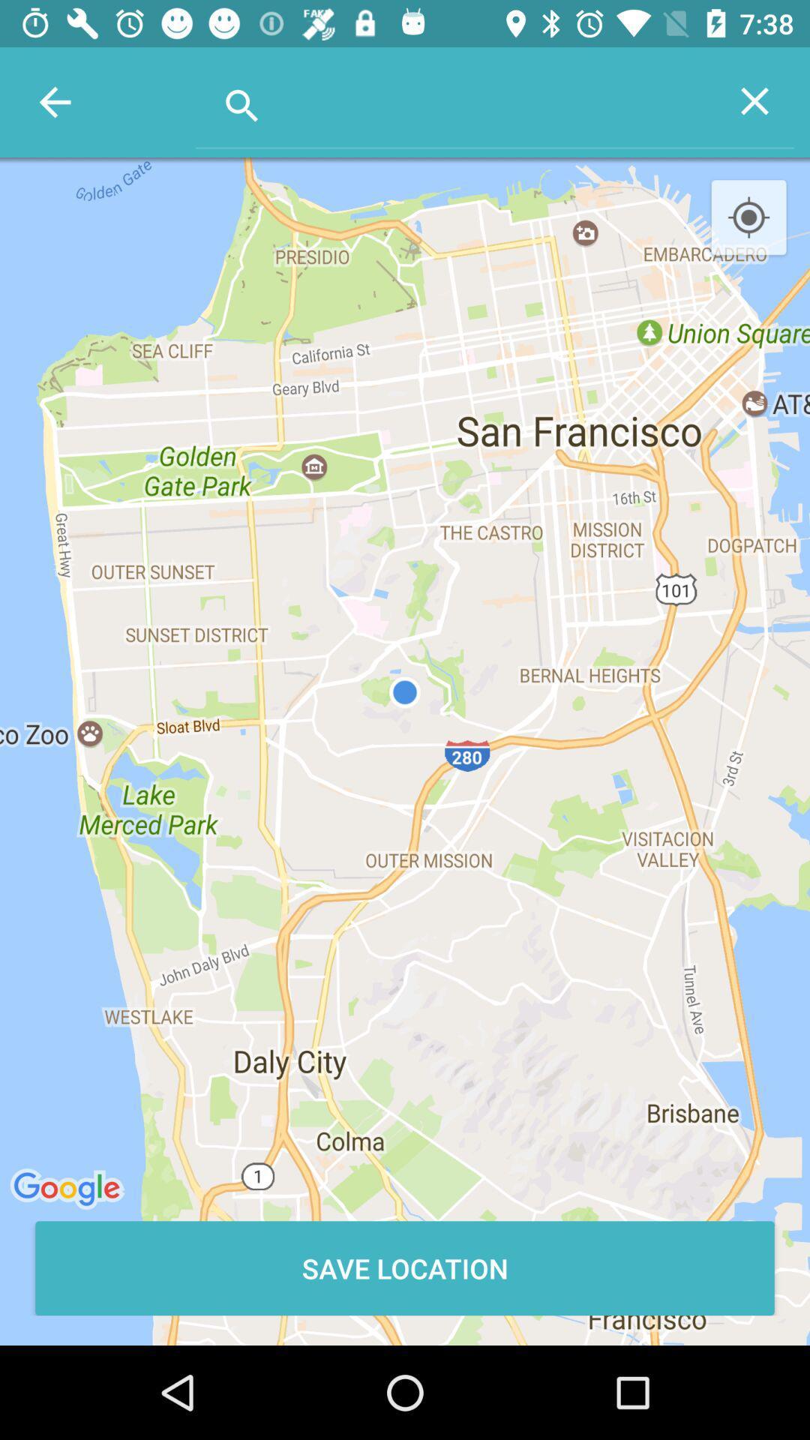 The image size is (810, 1440). What do you see at coordinates (54, 101) in the screenshot?
I see `the icon at the top left corner` at bounding box center [54, 101].